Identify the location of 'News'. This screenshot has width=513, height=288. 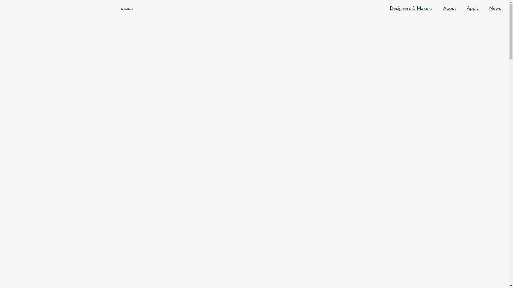
(495, 9).